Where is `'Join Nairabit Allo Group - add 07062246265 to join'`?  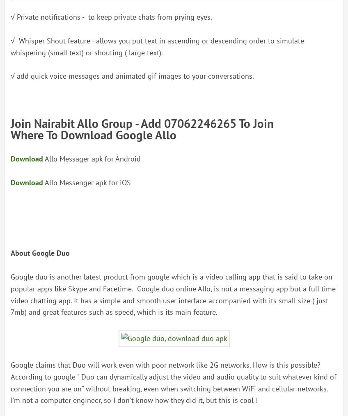
'Join Nairabit Allo Group - add 07062246265 to join' is located at coordinates (142, 123).